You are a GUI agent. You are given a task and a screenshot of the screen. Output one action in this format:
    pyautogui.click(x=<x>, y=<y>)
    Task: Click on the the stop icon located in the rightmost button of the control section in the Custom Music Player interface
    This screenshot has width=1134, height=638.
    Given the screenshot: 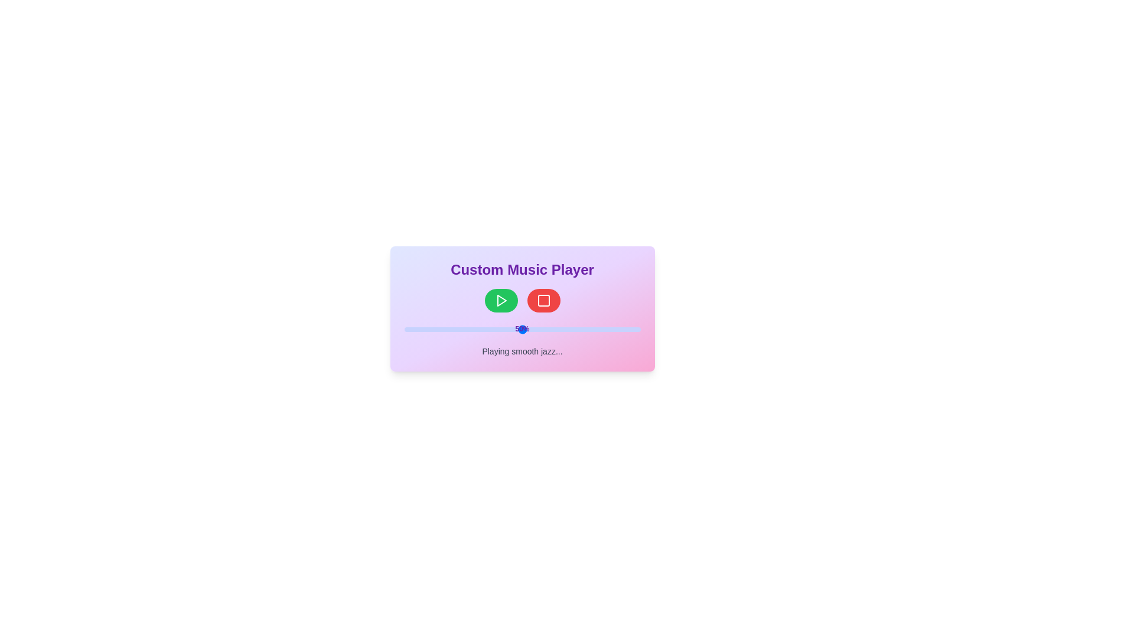 What is the action you would take?
    pyautogui.click(x=543, y=300)
    